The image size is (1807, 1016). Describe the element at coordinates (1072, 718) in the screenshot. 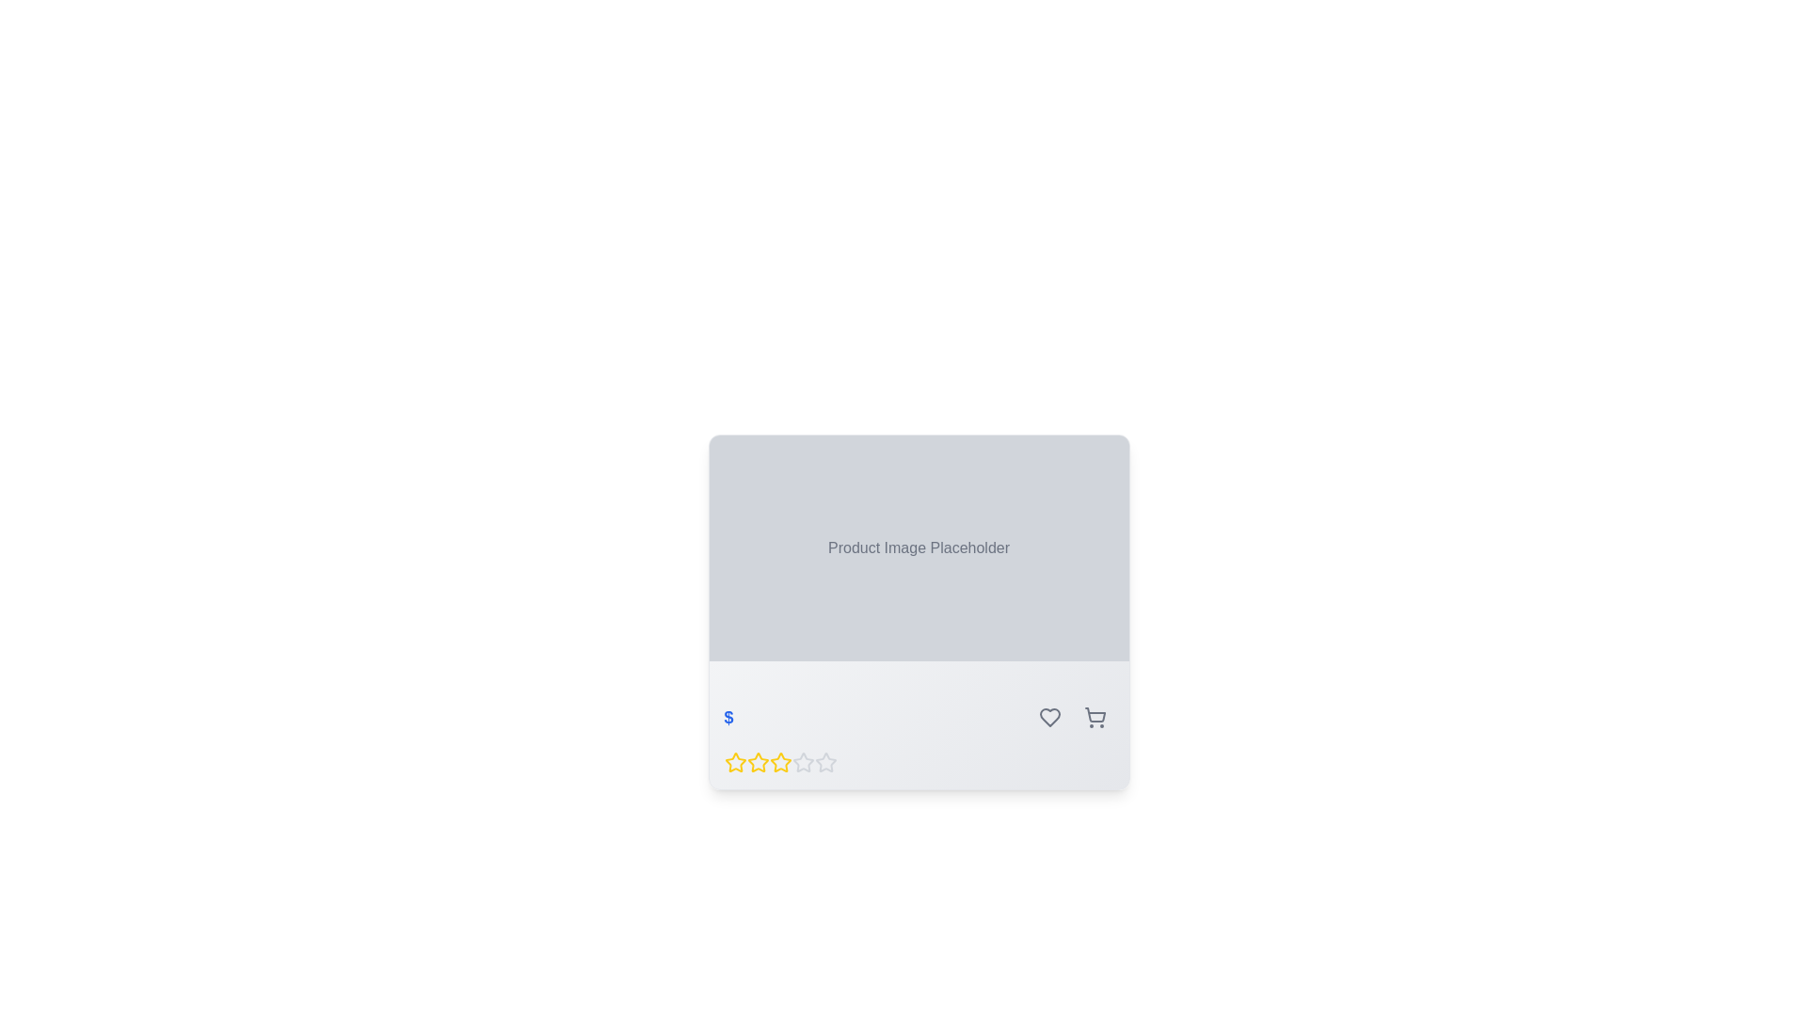

I see `the heart button on the left side of the grouping of circular buttons with icons to mark the item as favorite` at that location.